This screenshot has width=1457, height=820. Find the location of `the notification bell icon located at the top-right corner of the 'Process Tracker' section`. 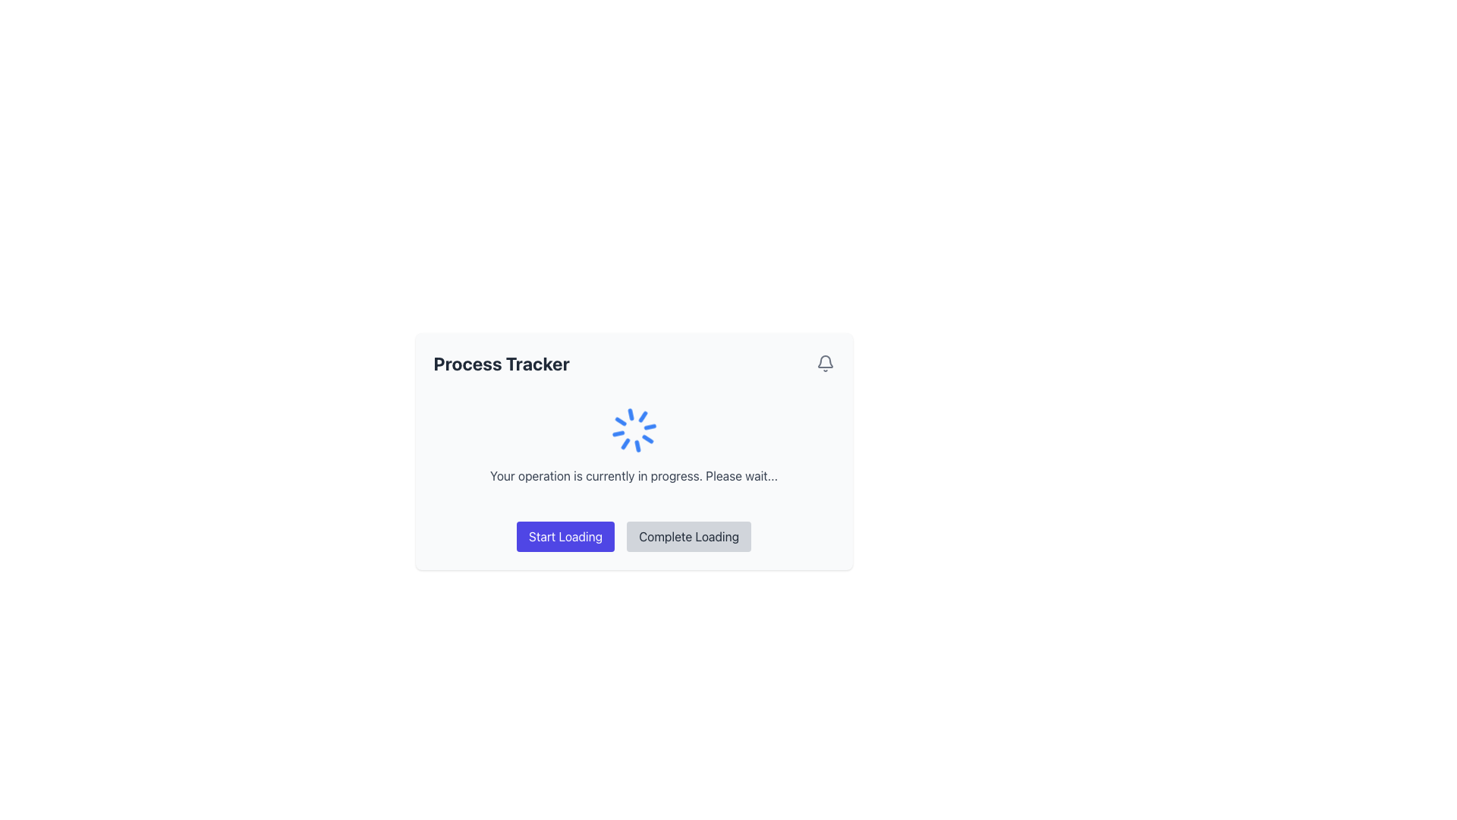

the notification bell icon located at the top-right corner of the 'Process Tracker' section is located at coordinates (824, 363).